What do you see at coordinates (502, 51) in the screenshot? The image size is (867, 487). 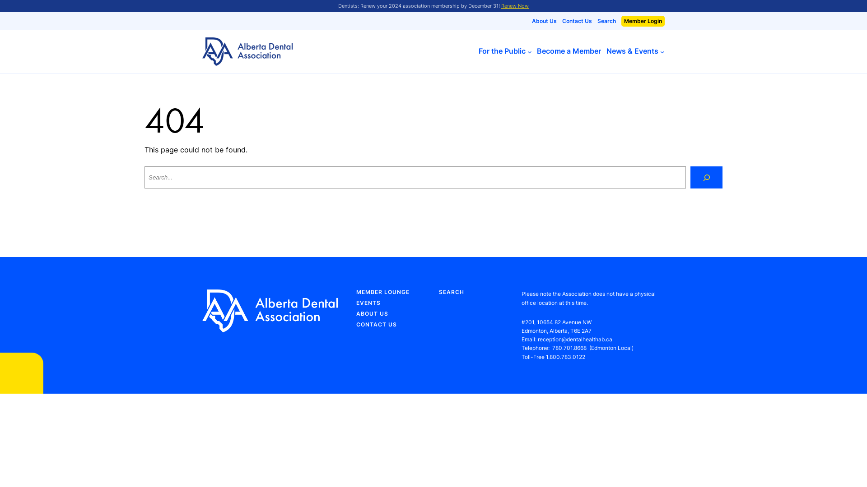 I see `'For the Public'` at bounding box center [502, 51].